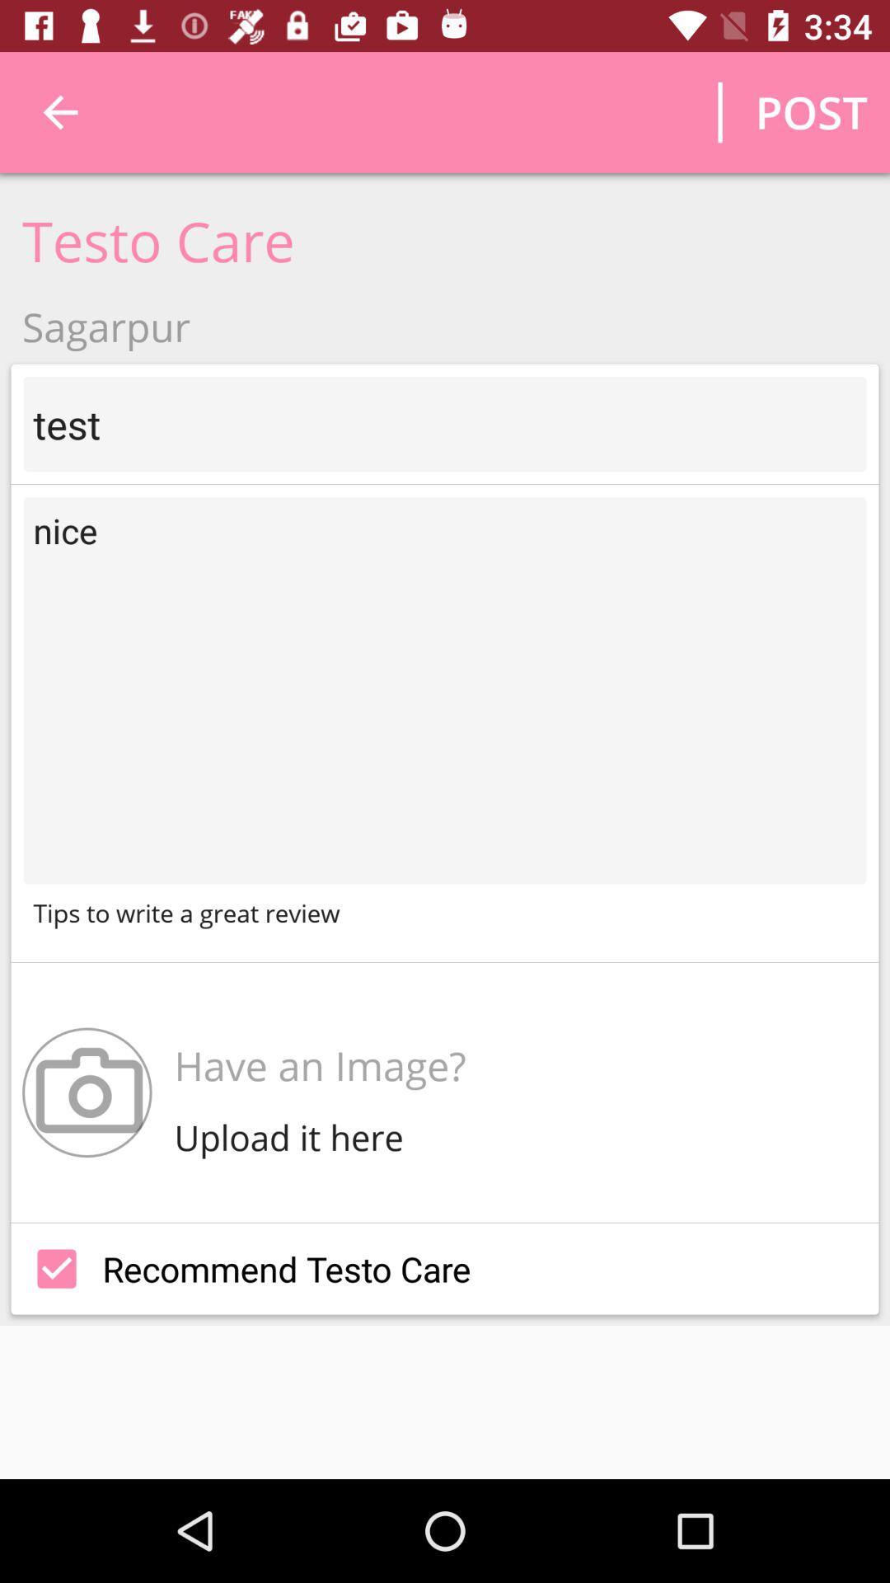  Describe the element at coordinates (445, 690) in the screenshot. I see `the nice` at that location.